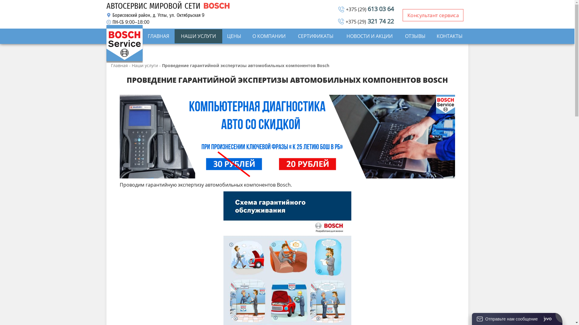 This screenshot has width=579, height=325. What do you see at coordinates (369, 21) in the screenshot?
I see `'+375 (29) 321 74 22'` at bounding box center [369, 21].